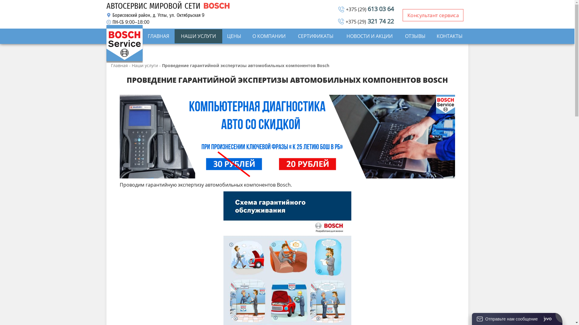 This screenshot has width=579, height=325. What do you see at coordinates (369, 21) in the screenshot?
I see `'+375 (29) 321 74 22'` at bounding box center [369, 21].